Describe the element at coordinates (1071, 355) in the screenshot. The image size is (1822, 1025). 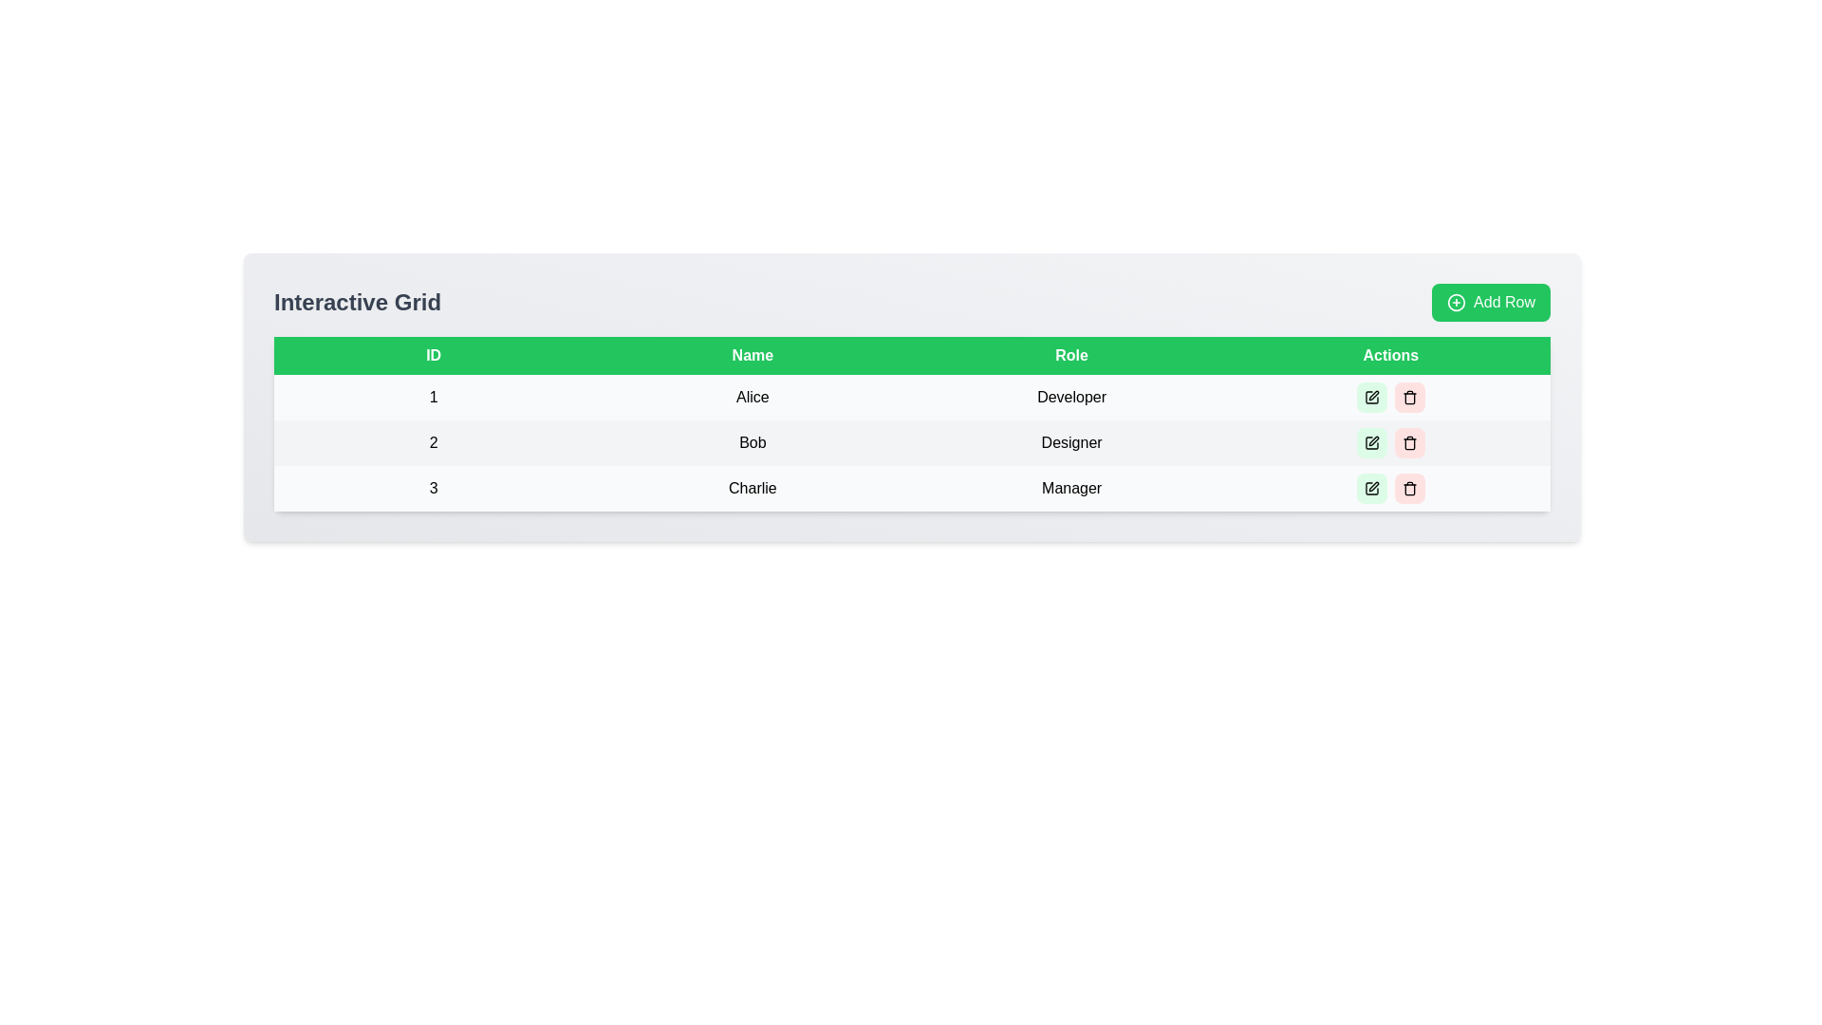
I see `the purpose of the 'Role' column` at that location.